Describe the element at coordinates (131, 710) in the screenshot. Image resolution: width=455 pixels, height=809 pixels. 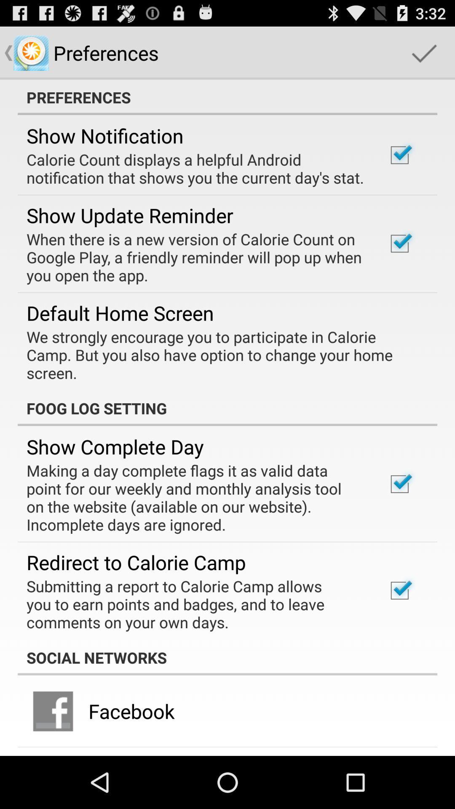
I see `the facebook icon` at that location.